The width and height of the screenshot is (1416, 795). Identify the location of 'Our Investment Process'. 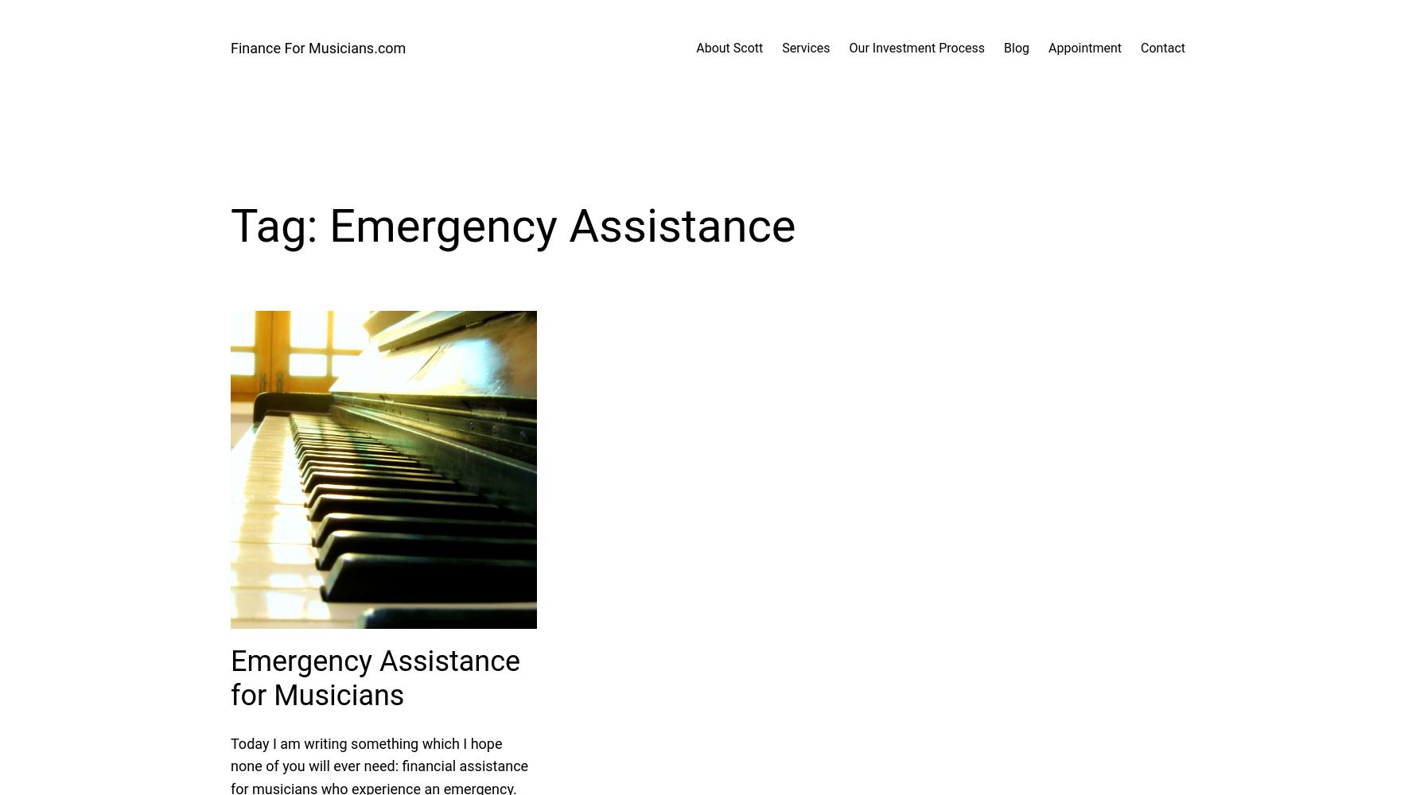
(916, 48).